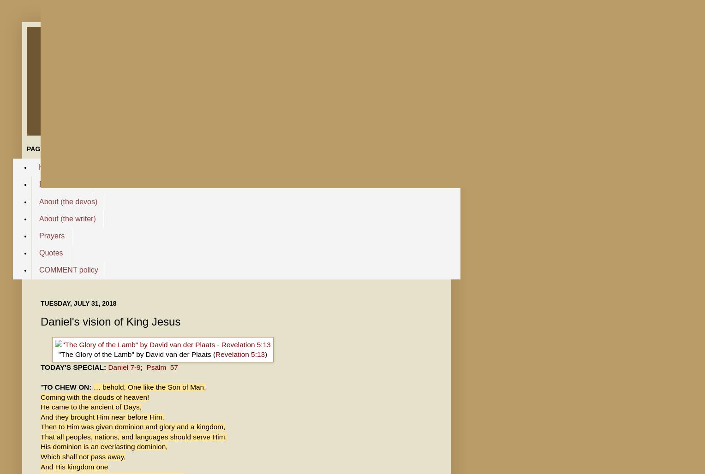 The image size is (705, 474). I want to click on 'About (the devos)', so click(68, 201).